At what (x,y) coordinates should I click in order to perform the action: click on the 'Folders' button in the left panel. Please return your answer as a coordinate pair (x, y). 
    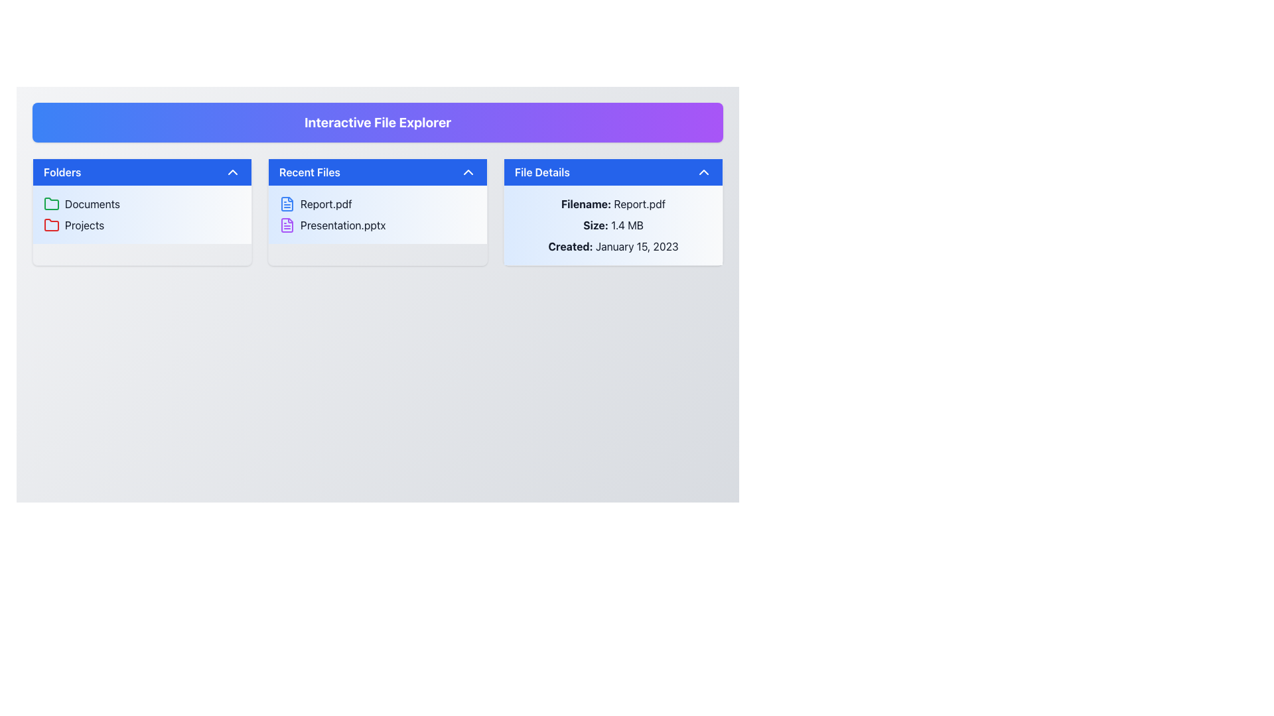
    Looking at the image, I should click on (142, 171).